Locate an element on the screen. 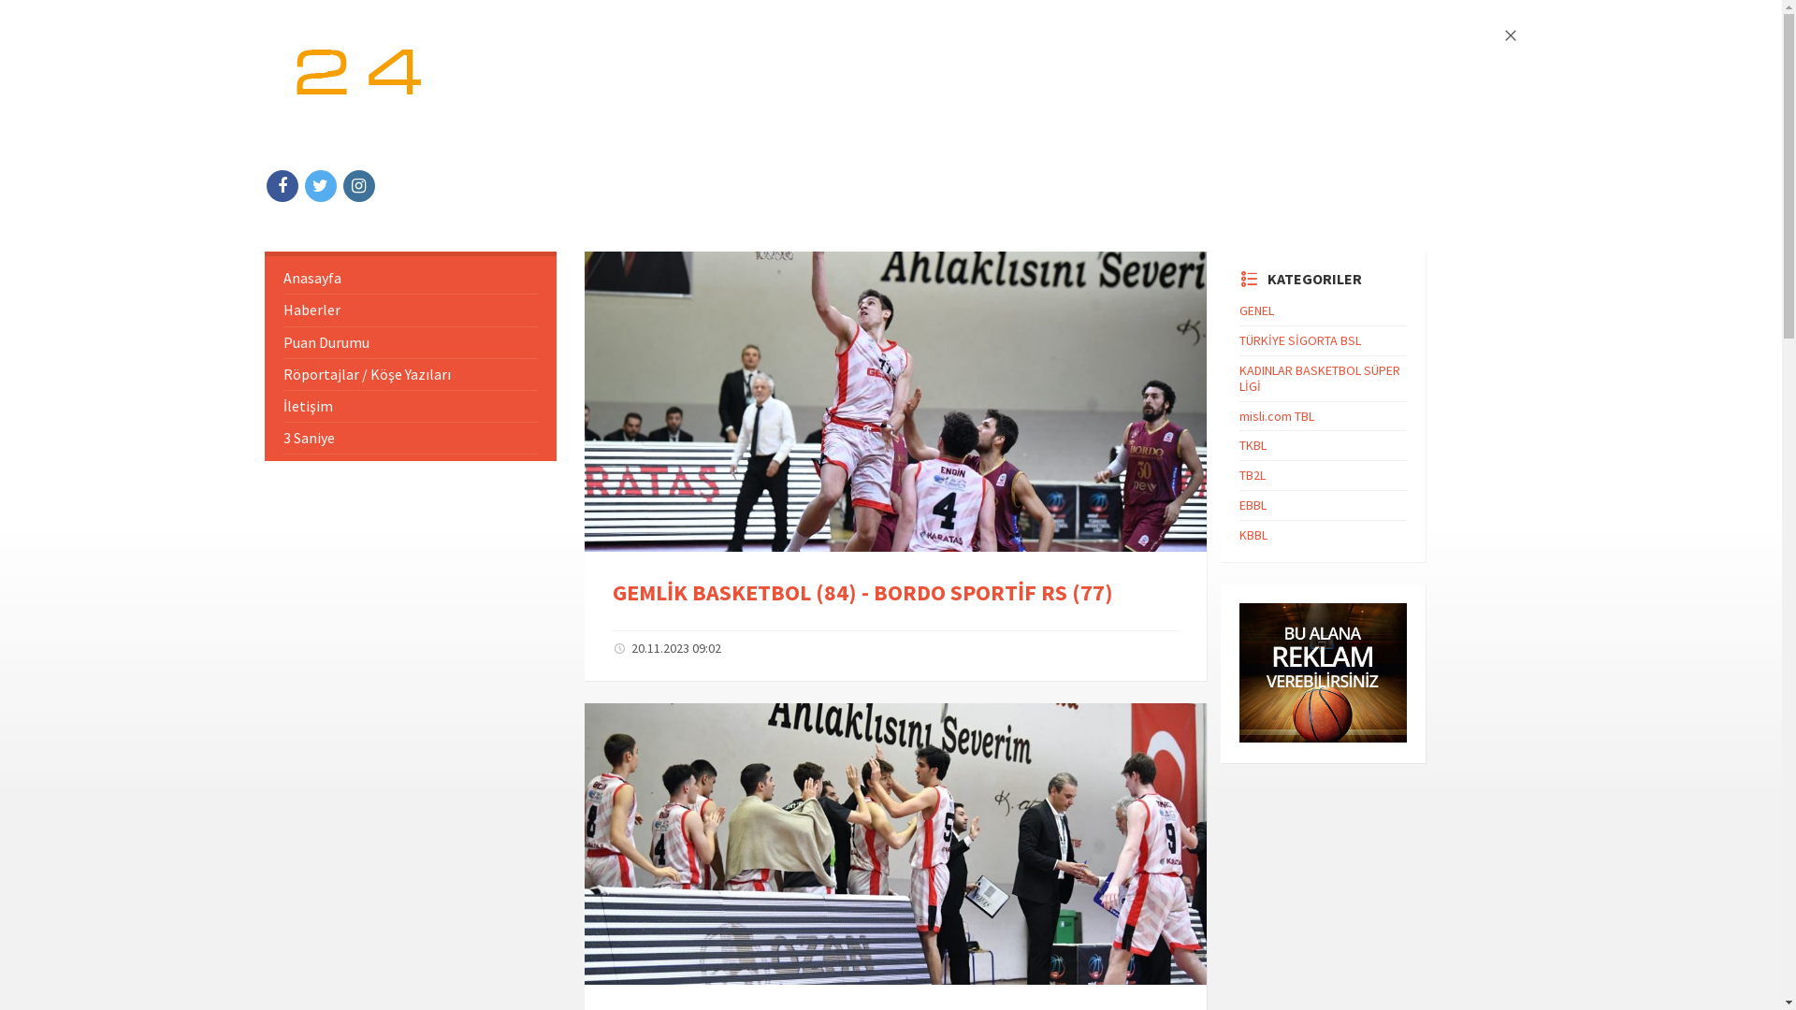  'Anasayfa' is located at coordinates (409, 278).